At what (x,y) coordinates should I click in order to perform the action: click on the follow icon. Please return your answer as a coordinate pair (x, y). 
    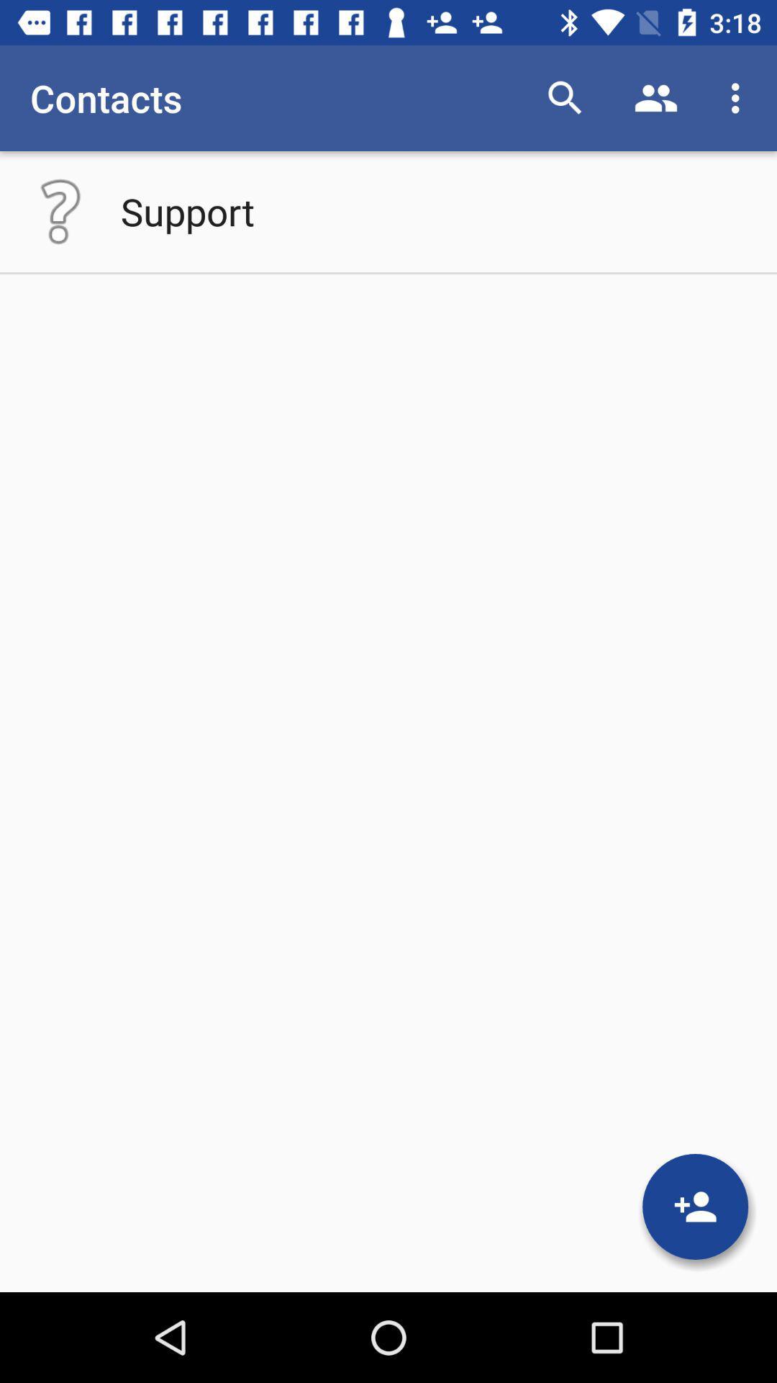
    Looking at the image, I should click on (694, 1207).